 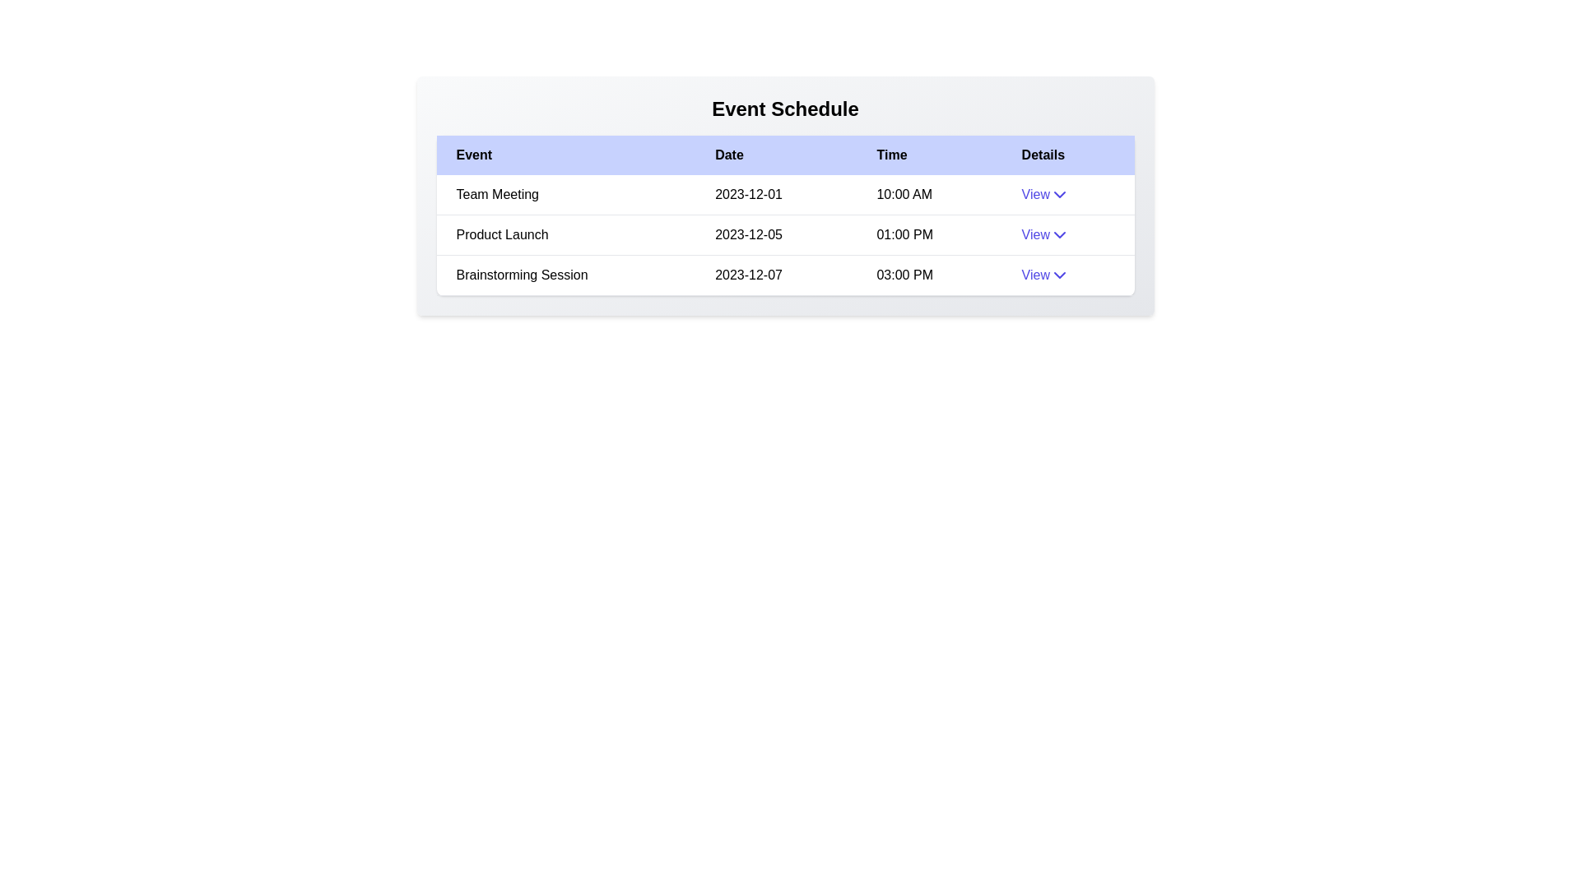 I want to click on the column header labeled 'Details' to sort the table by that column, so click(x=1068, y=155).